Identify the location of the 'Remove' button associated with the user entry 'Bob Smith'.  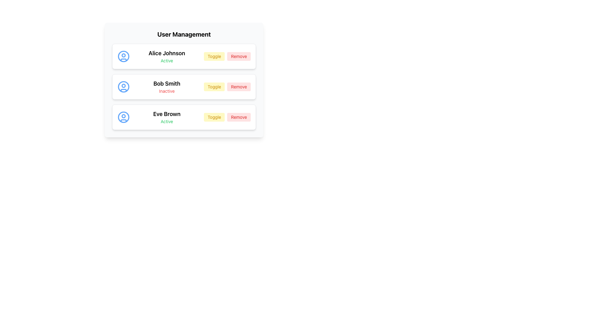
(239, 87).